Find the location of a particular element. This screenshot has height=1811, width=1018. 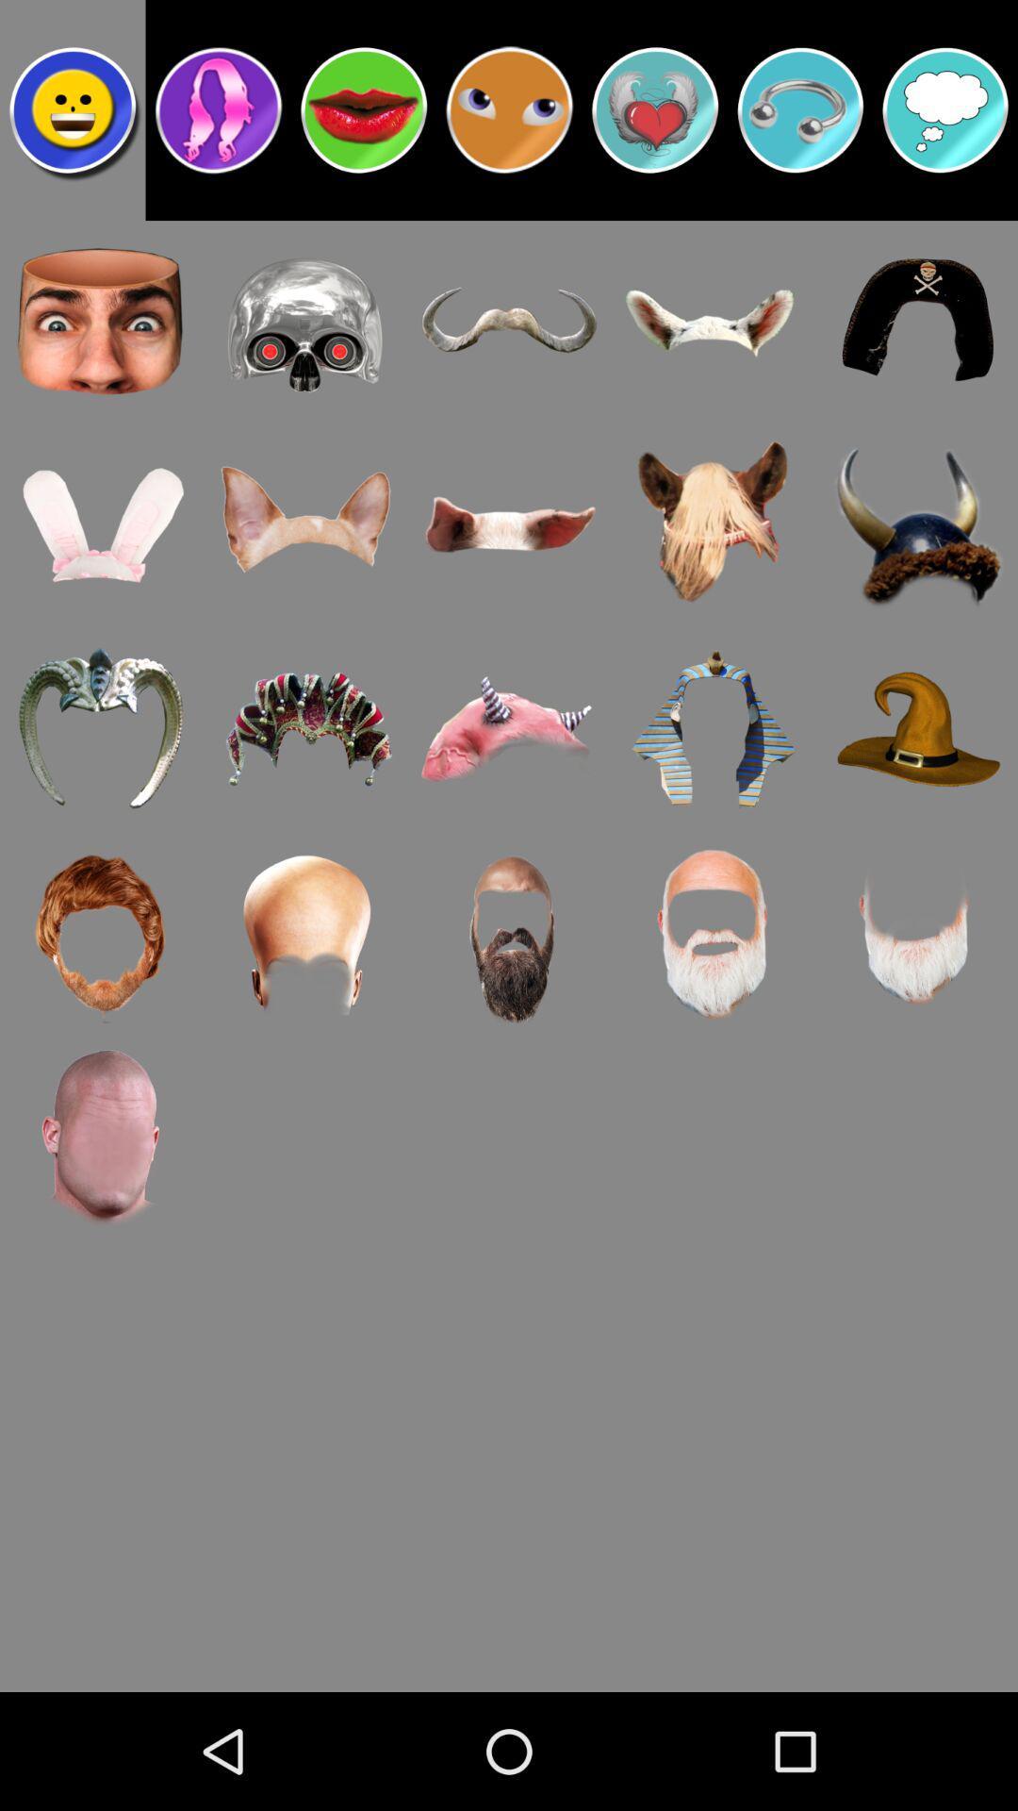

shirt choice is located at coordinates (654, 108).